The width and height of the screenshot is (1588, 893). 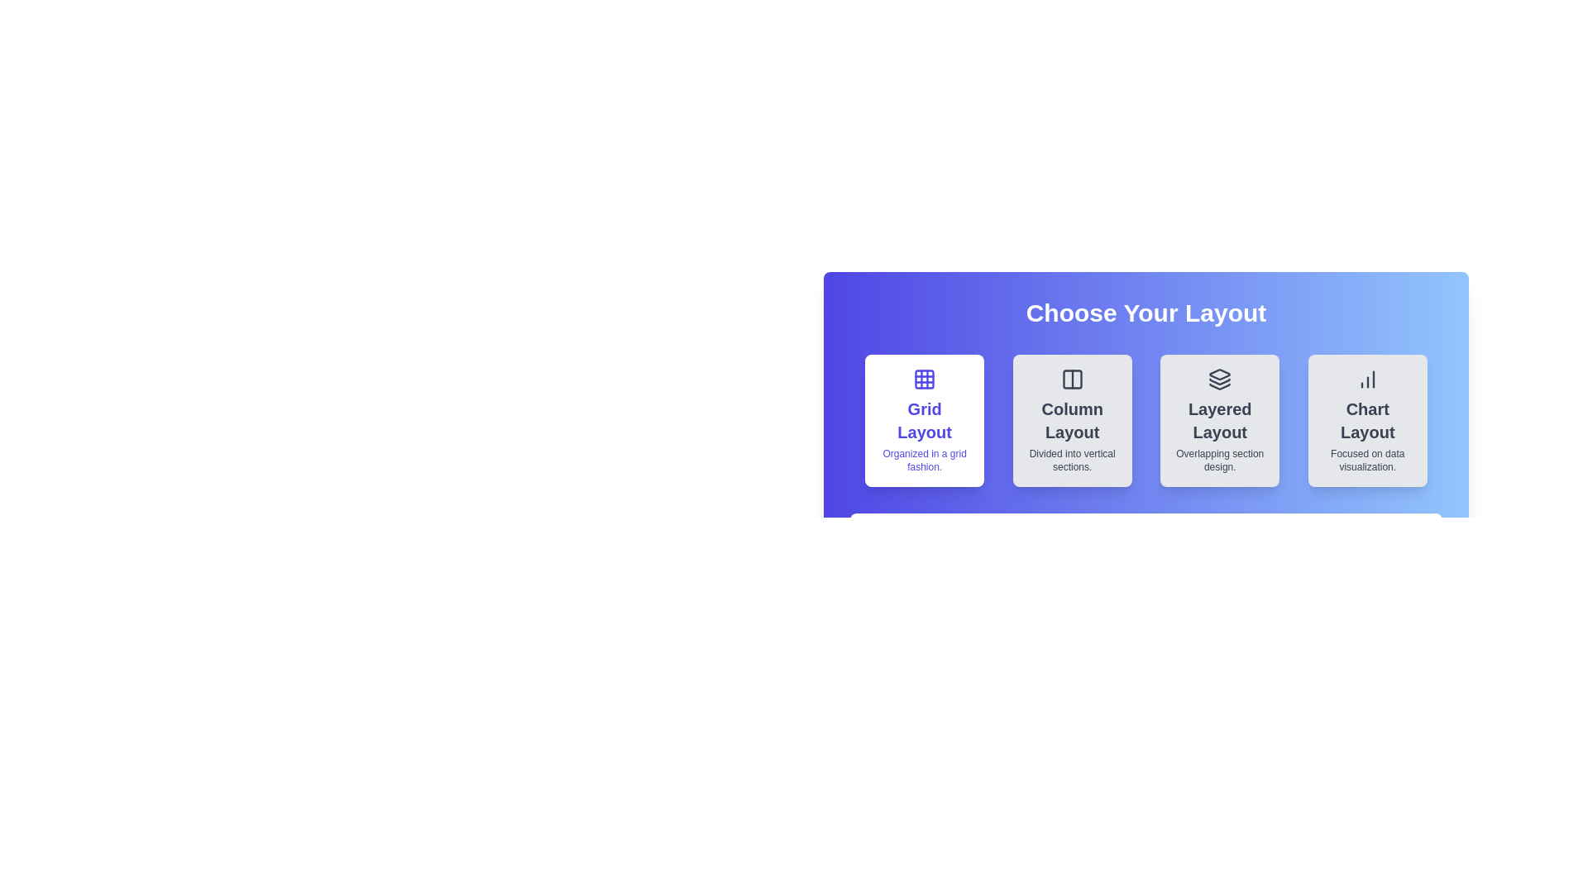 I want to click on the layout button corresponding to Layered Layout, so click(x=1219, y=420).